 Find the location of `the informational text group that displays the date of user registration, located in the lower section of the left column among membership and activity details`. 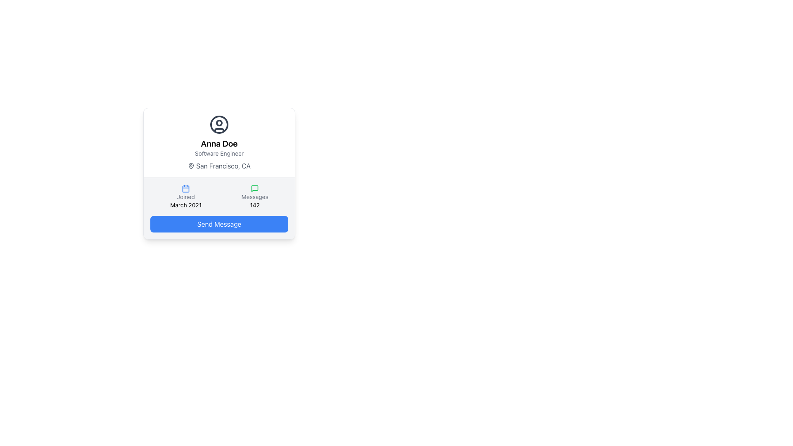

the informational text group that displays the date of user registration, located in the lower section of the left column among membership and activity details is located at coordinates (185, 197).